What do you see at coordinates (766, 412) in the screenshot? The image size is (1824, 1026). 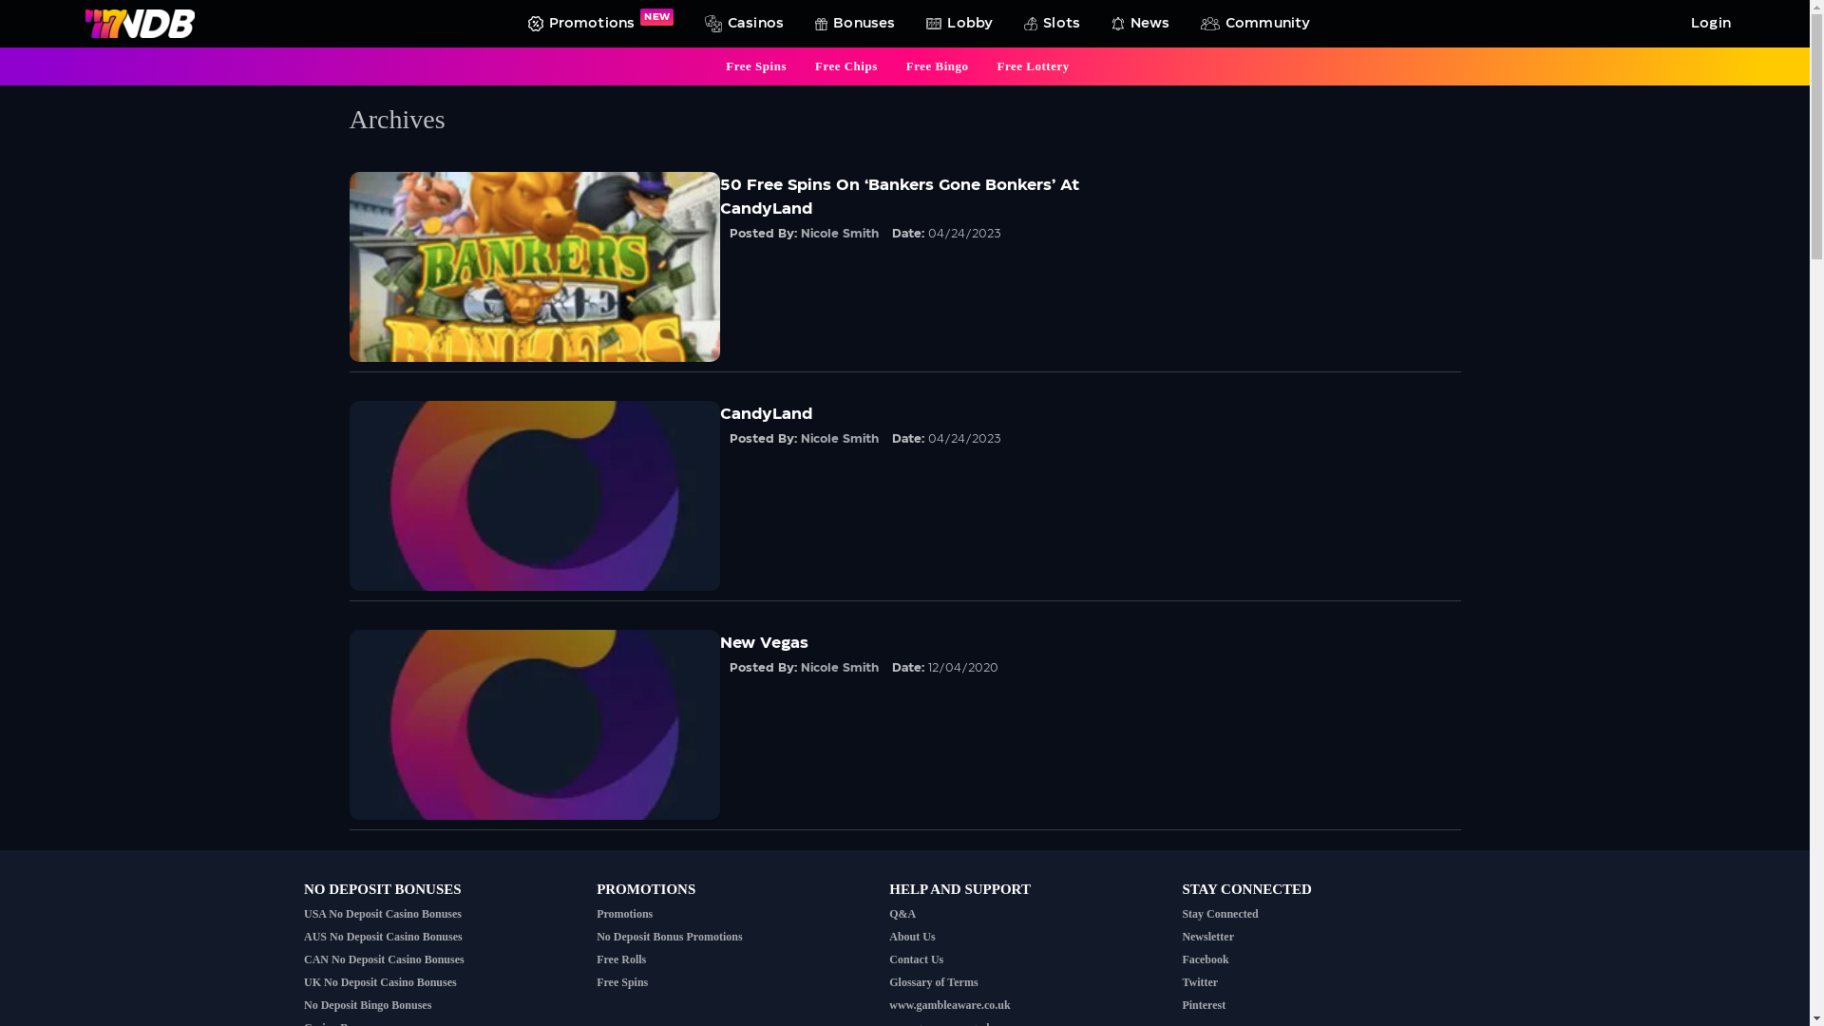 I see `'CandyLand'` at bounding box center [766, 412].